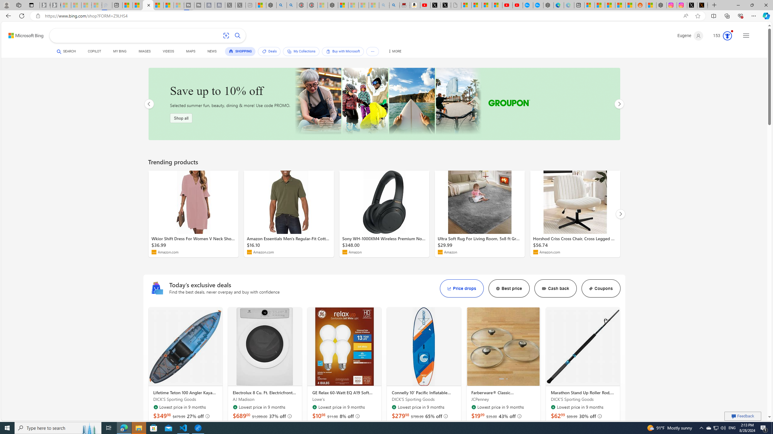 This screenshot has height=434, width=773. What do you see at coordinates (342, 51) in the screenshot?
I see `'Buy with Microsoft'` at bounding box center [342, 51].